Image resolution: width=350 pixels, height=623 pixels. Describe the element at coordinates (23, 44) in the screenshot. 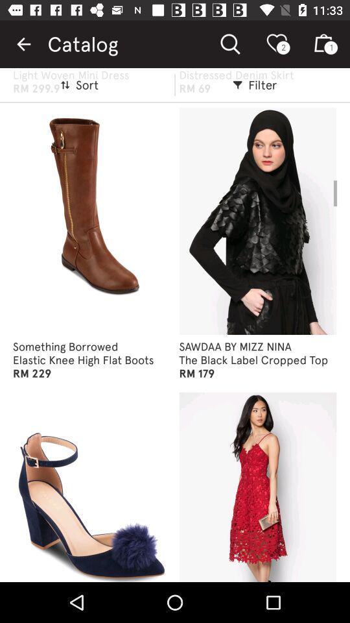

I see `the icon to the left of the catalog item` at that location.